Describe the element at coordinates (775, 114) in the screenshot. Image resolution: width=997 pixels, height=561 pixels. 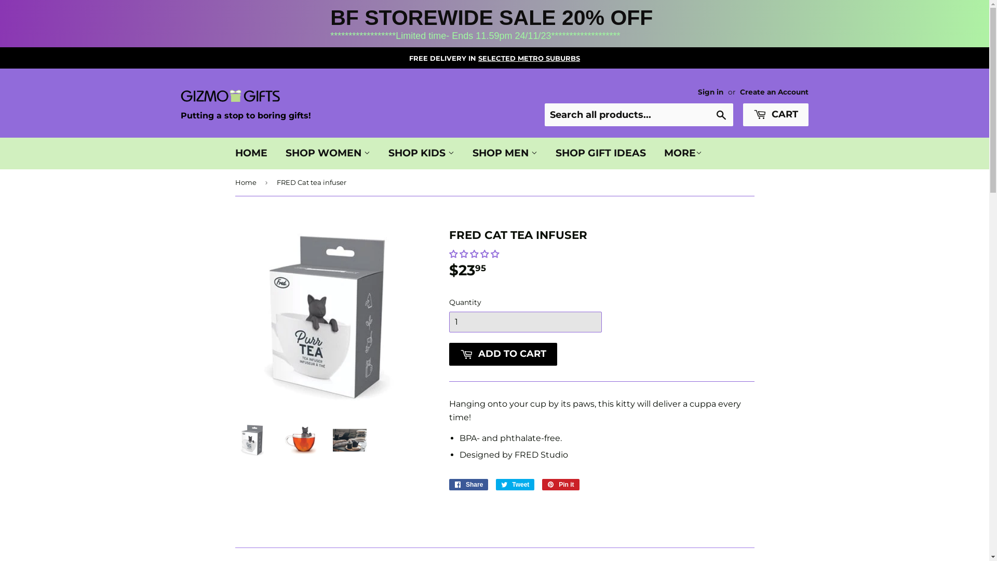
I see `'CART'` at that location.